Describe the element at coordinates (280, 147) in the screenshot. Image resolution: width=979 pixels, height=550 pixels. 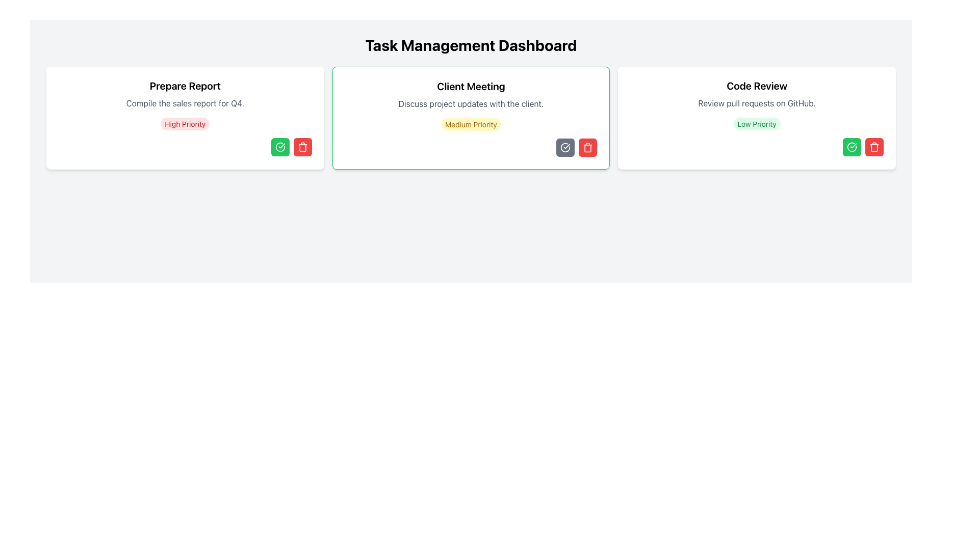
I see `the completion icon to mark the task 'Prepare Report' as completed in the Task Management Dashboard` at that location.